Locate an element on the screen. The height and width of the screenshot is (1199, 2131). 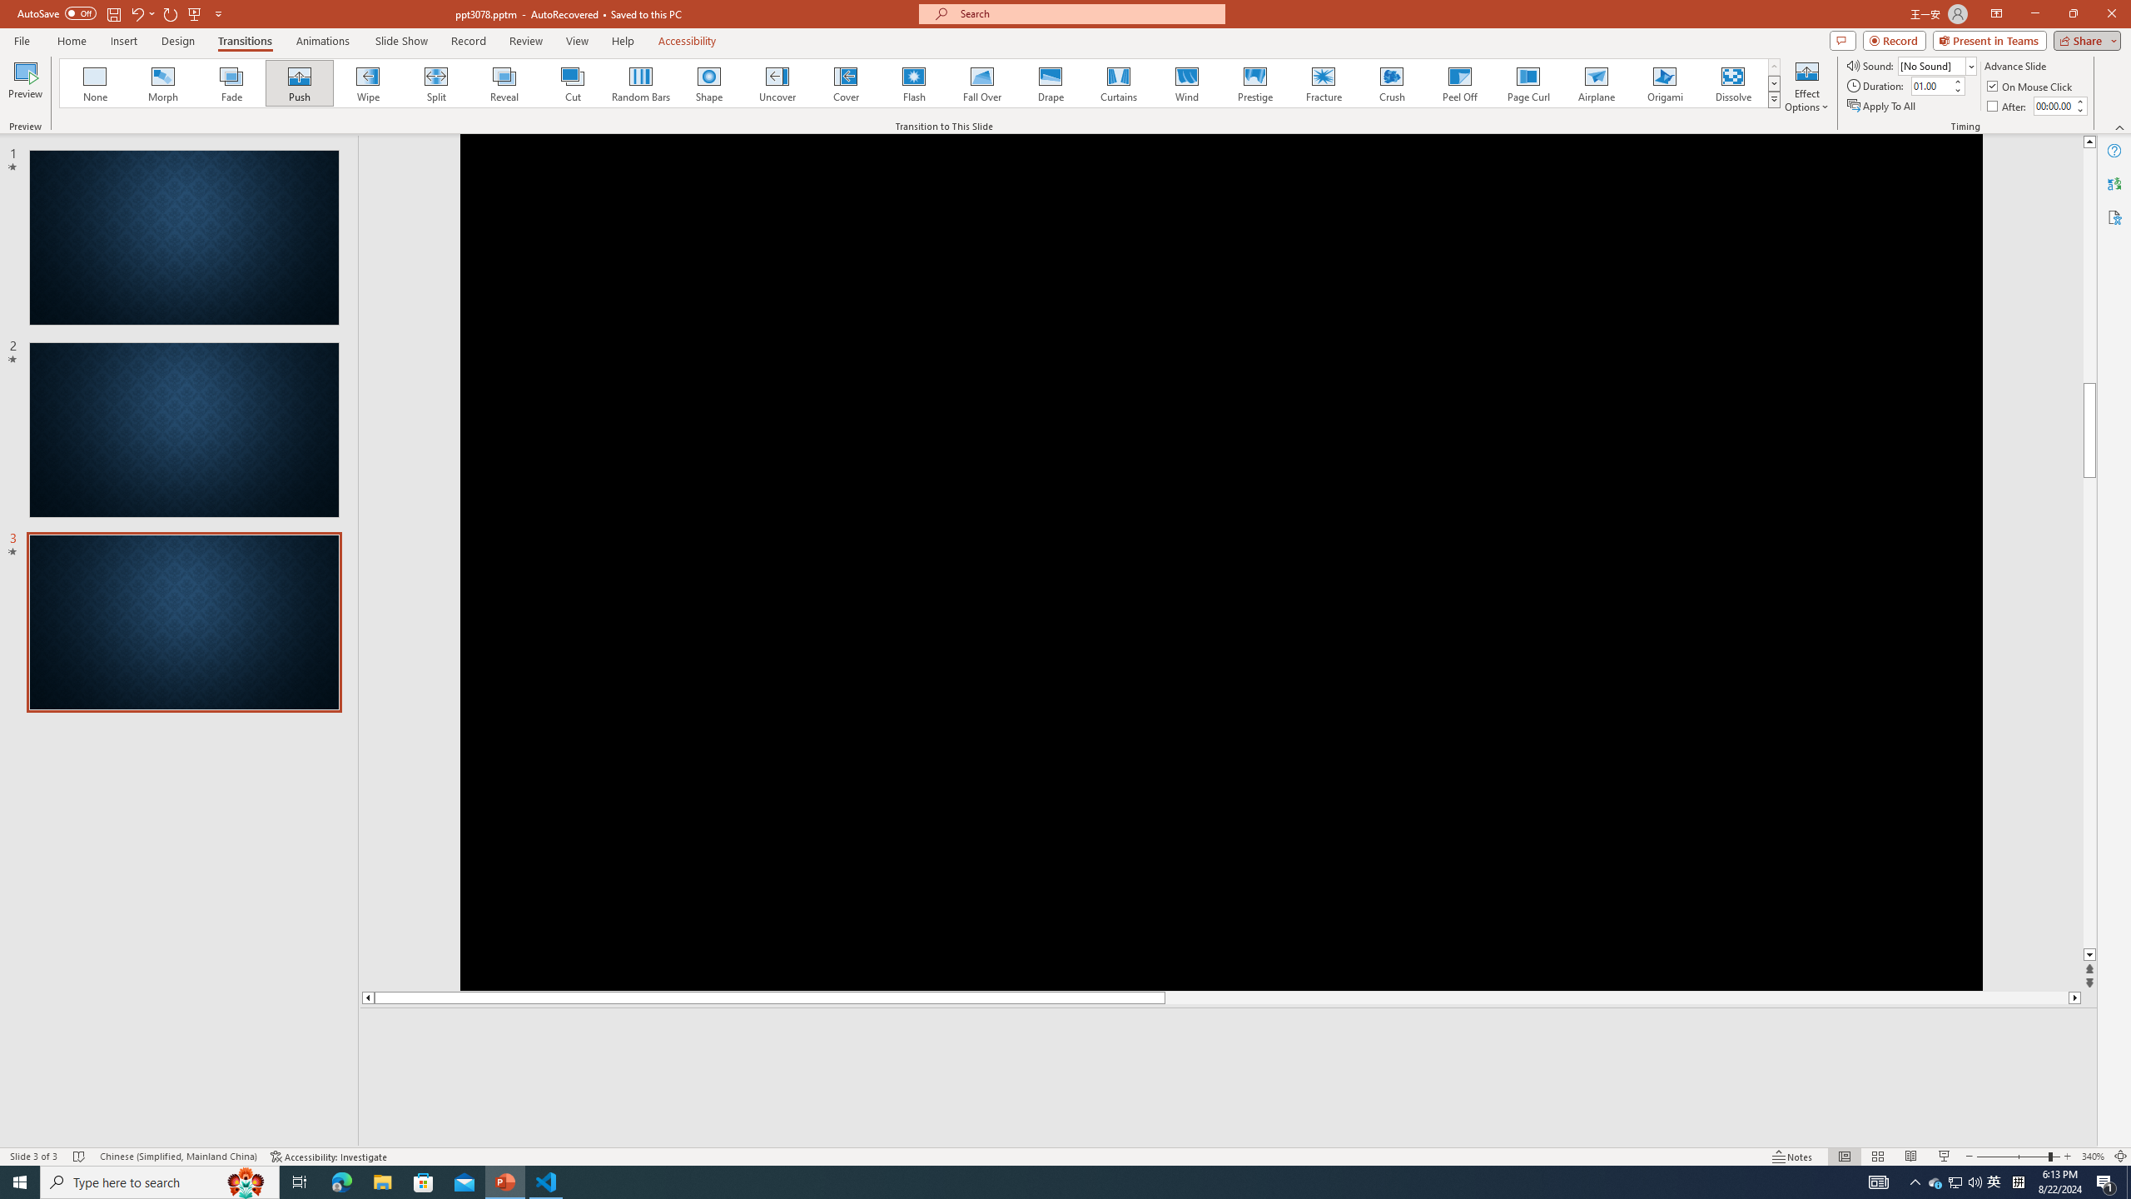
'Crush' is located at coordinates (1391, 82).